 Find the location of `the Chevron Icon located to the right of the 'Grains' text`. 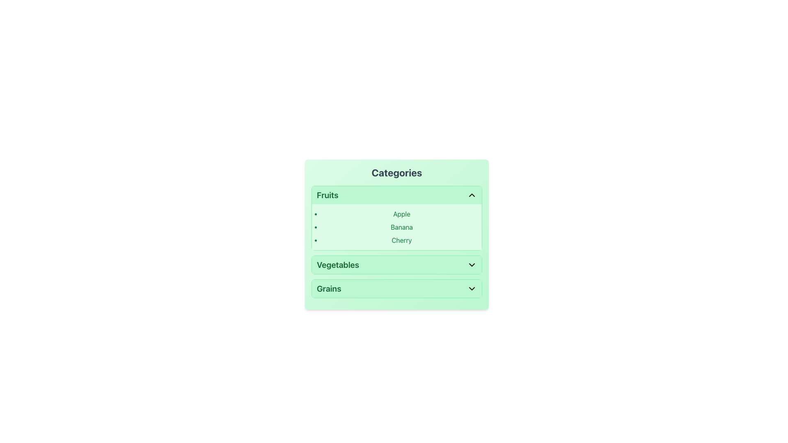

the Chevron Icon located to the right of the 'Grains' text is located at coordinates (472, 288).